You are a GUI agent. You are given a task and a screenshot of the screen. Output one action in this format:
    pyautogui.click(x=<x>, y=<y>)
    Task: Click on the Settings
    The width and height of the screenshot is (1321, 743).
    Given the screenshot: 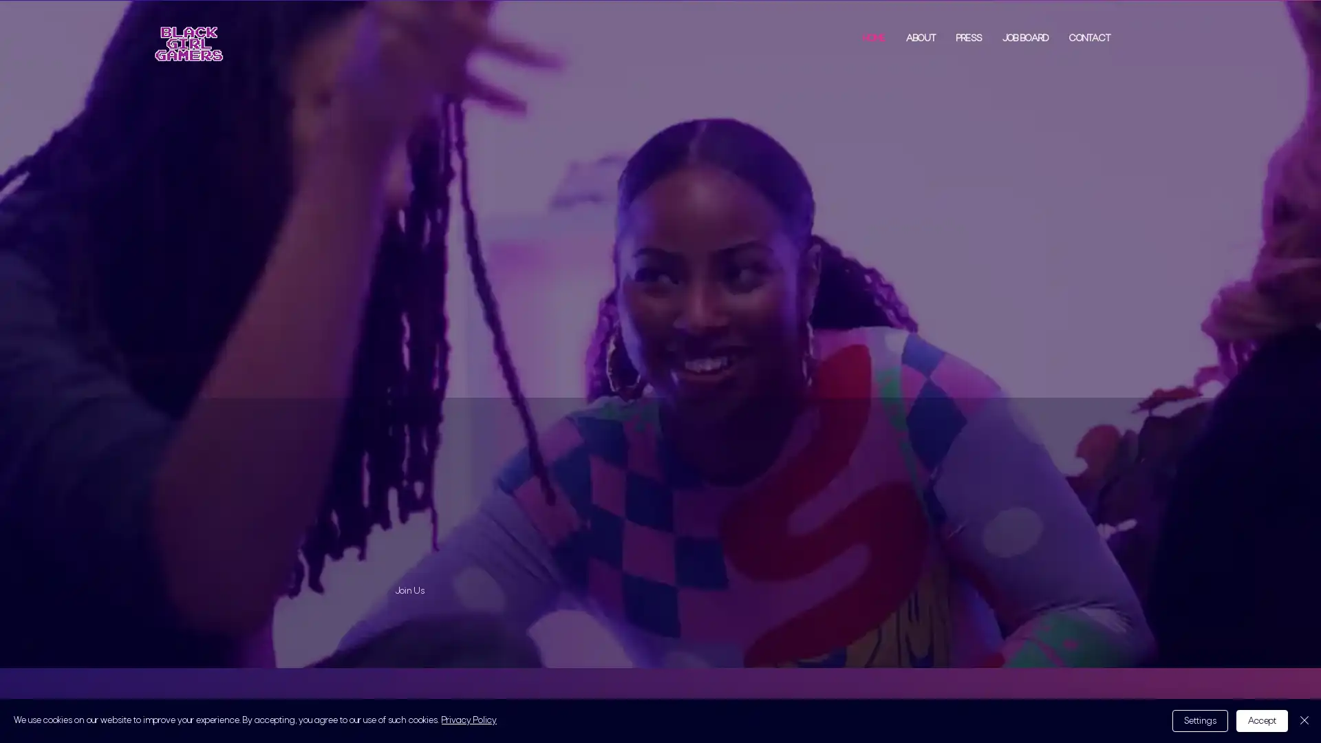 What is the action you would take?
    pyautogui.click(x=1199, y=720)
    